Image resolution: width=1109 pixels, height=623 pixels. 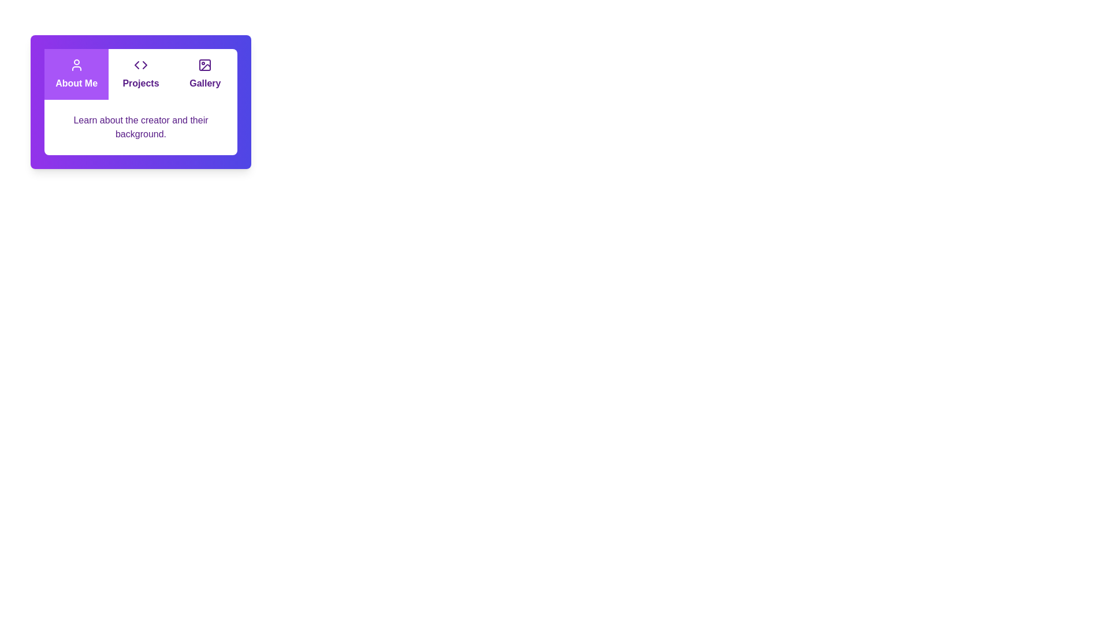 I want to click on the tab labeled About Me, so click(x=76, y=74).